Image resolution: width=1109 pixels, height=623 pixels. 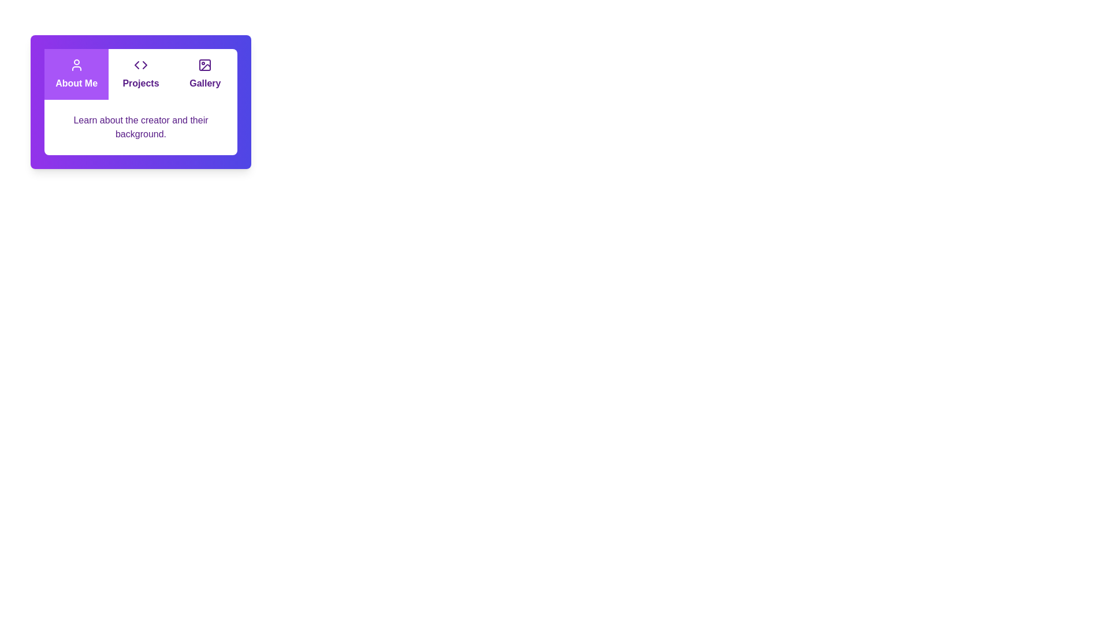 I want to click on the tab labeled About Me, so click(x=76, y=74).